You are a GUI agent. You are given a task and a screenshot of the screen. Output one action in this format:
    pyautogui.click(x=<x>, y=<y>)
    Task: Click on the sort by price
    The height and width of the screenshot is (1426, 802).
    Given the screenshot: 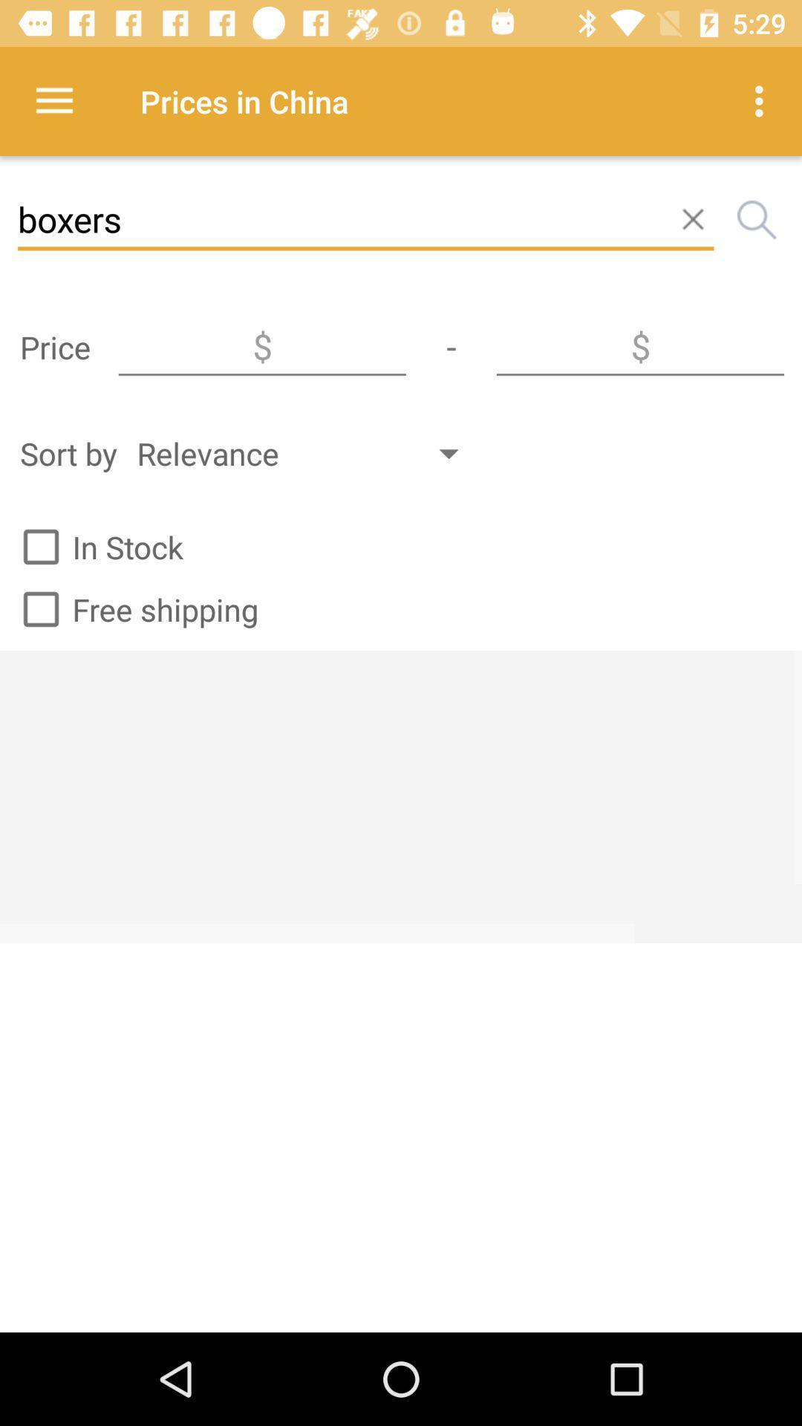 What is the action you would take?
    pyautogui.click(x=261, y=346)
    